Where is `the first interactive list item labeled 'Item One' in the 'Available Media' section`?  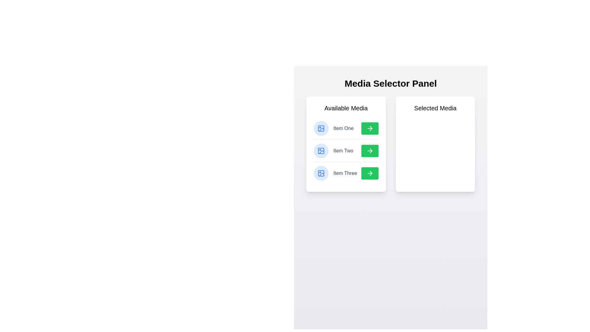
the first interactive list item labeled 'Item One' in the 'Available Media' section is located at coordinates (346, 128).